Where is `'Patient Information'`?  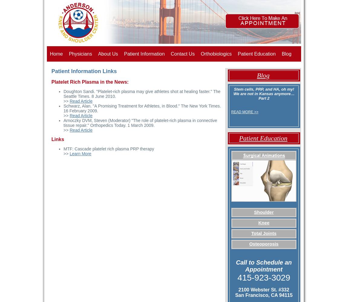
'Patient Information' is located at coordinates (144, 54).